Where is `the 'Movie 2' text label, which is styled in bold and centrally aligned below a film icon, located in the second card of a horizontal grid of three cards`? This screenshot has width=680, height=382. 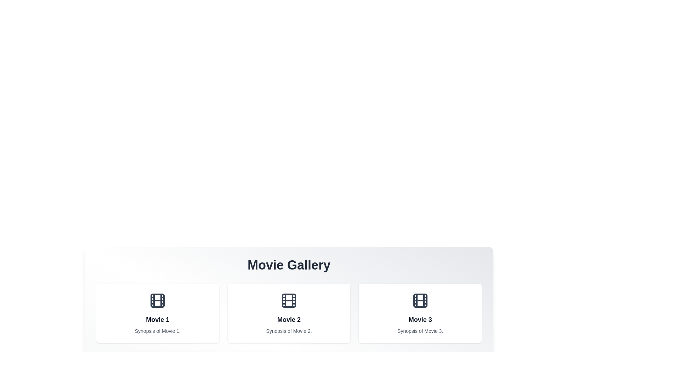
the 'Movie 2' text label, which is styled in bold and centrally aligned below a film icon, located in the second card of a horizontal grid of three cards is located at coordinates (289, 319).